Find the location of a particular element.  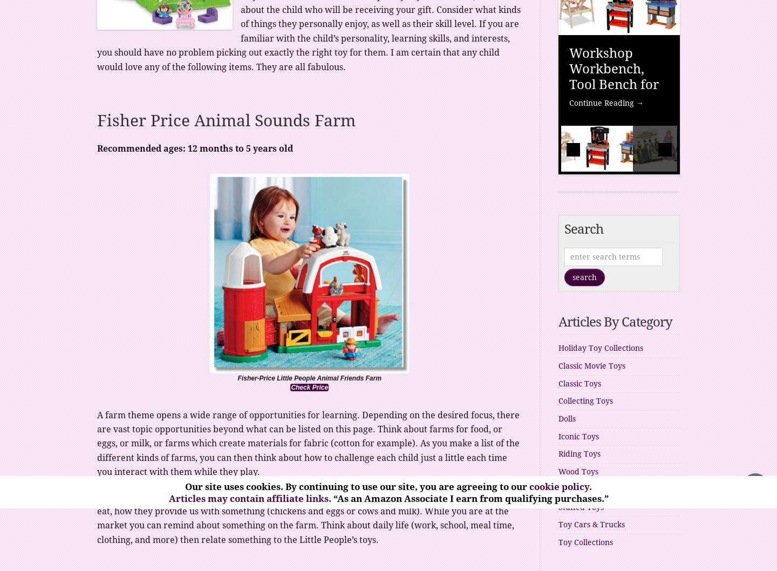

'cookie policy.' is located at coordinates (529, 487).